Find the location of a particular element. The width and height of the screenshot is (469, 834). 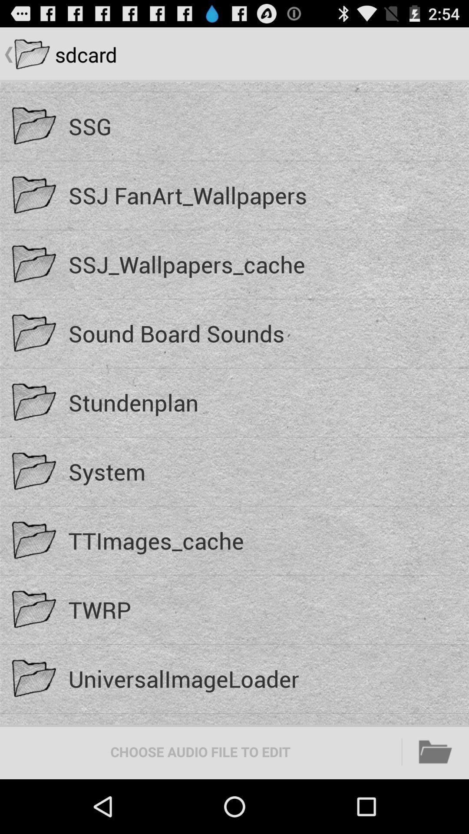

the choose audio file icon is located at coordinates (200, 751).